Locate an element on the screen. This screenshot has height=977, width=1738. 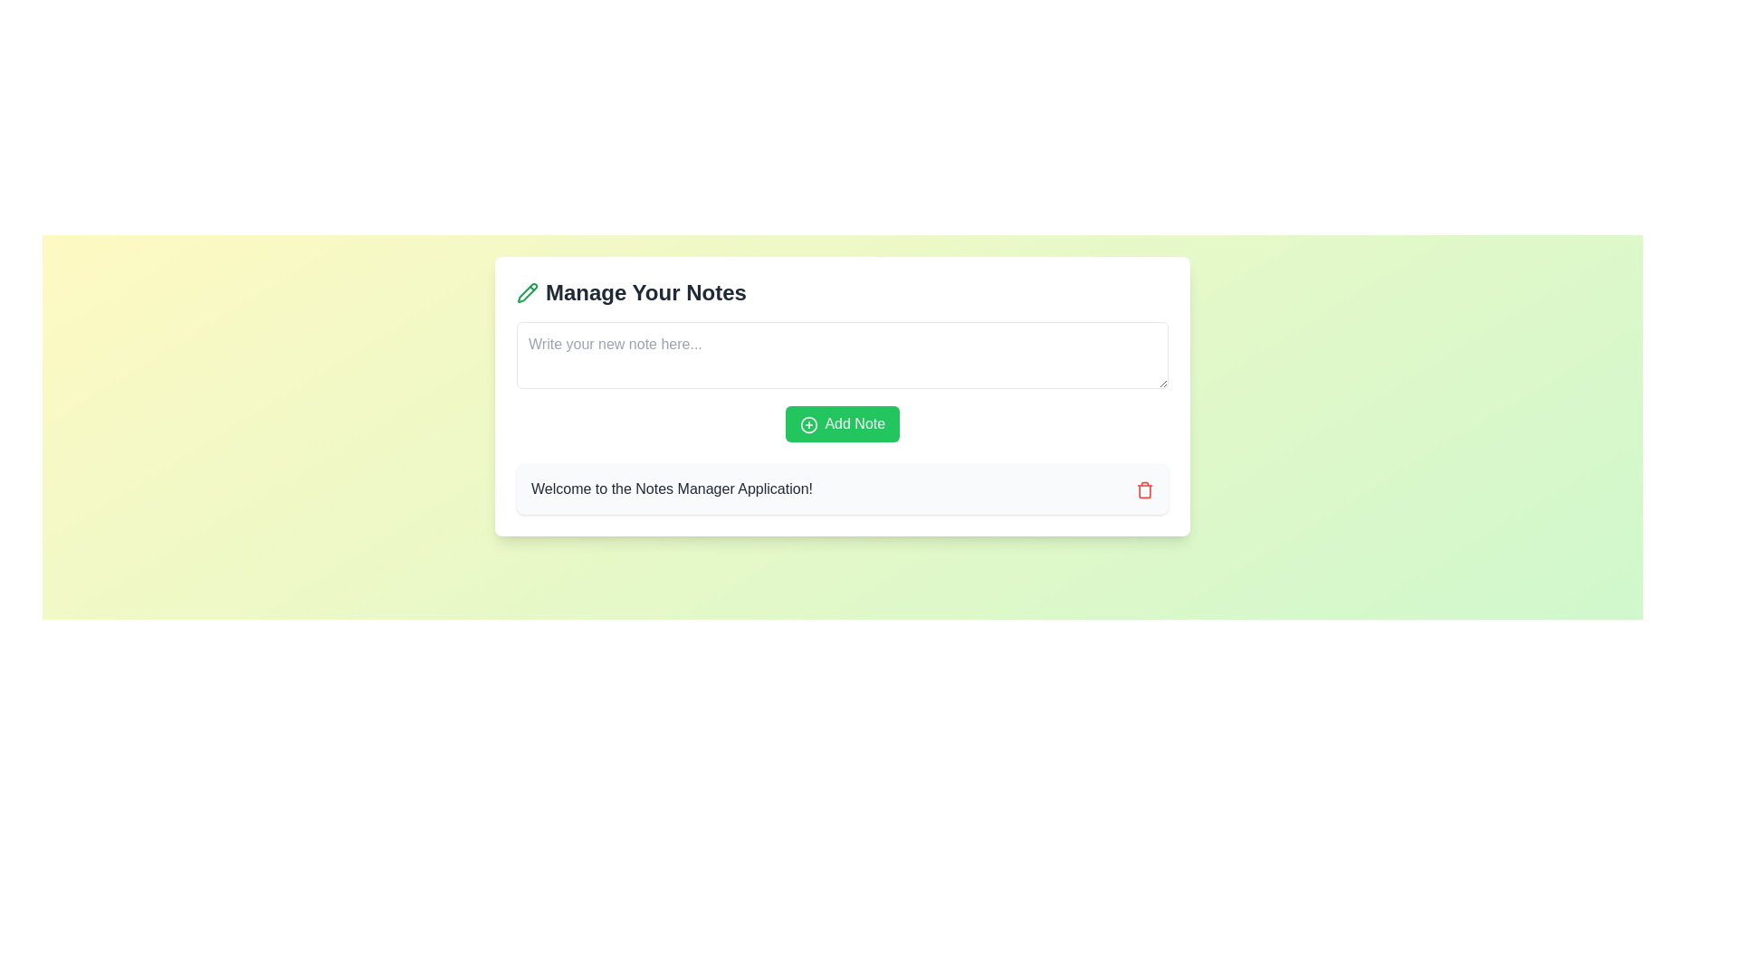
the main functional area for managing notes is located at coordinates (842, 395).